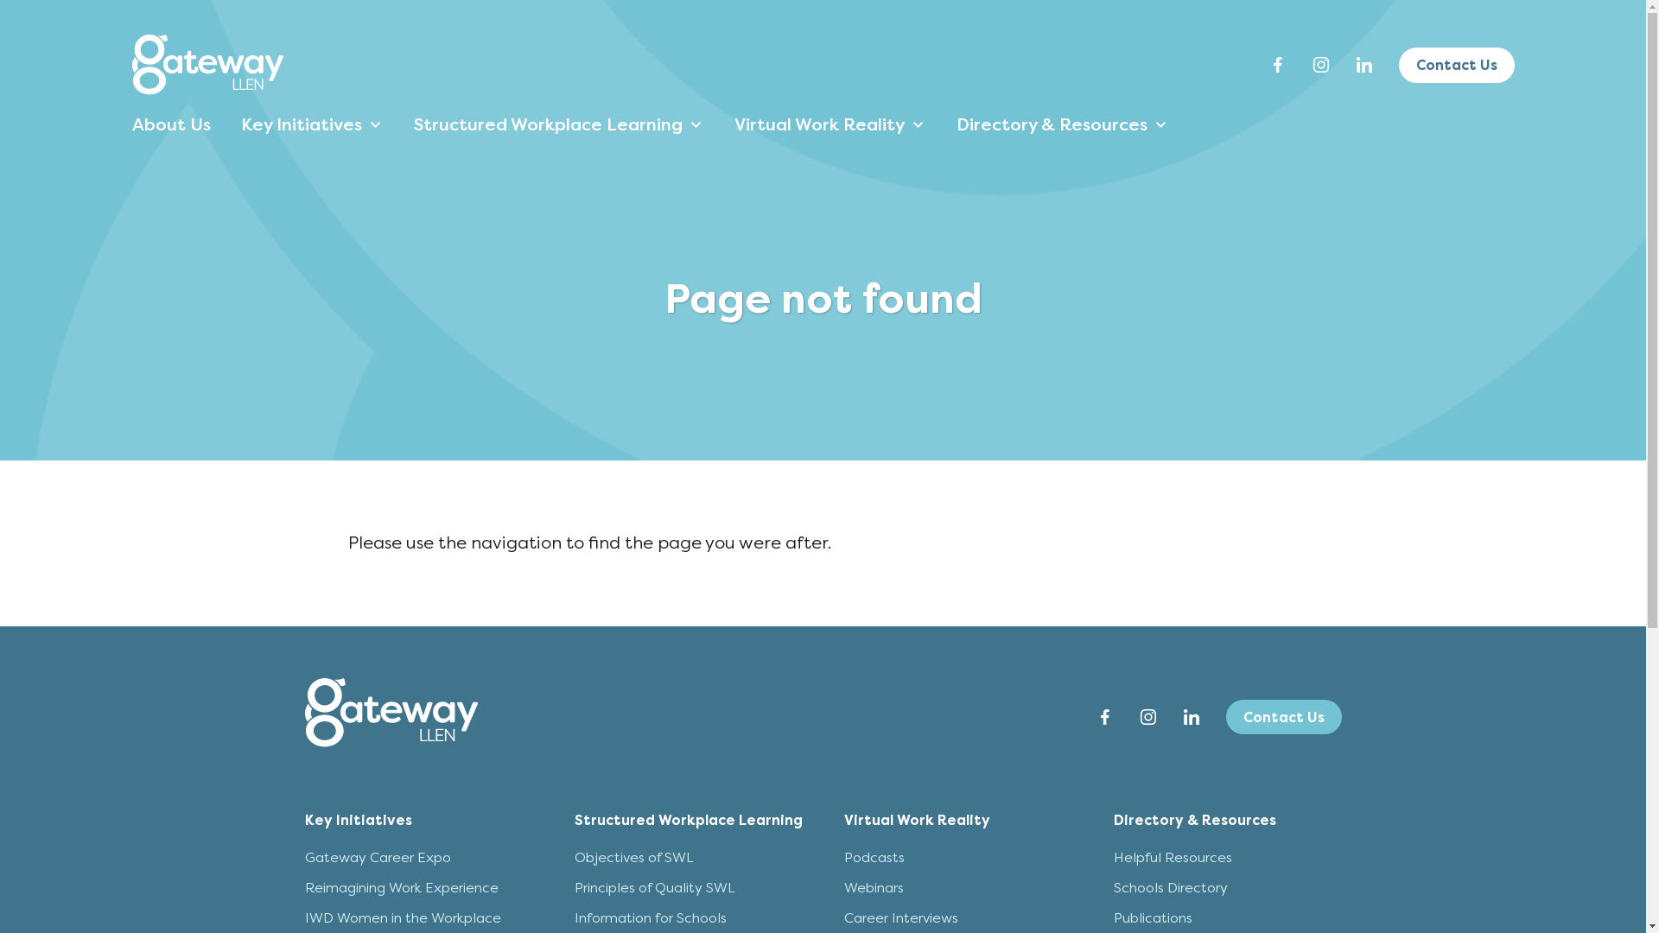 The width and height of the screenshot is (1659, 933). What do you see at coordinates (653, 887) in the screenshot?
I see `'Principles of Quality SWL'` at bounding box center [653, 887].